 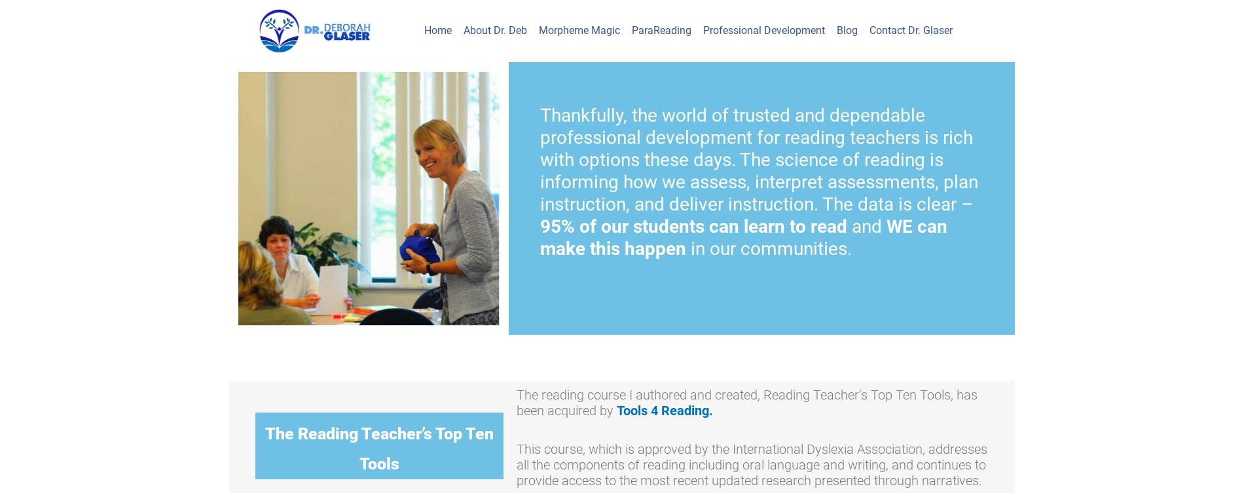 What do you see at coordinates (769, 248) in the screenshot?
I see `'in our communities.'` at bounding box center [769, 248].